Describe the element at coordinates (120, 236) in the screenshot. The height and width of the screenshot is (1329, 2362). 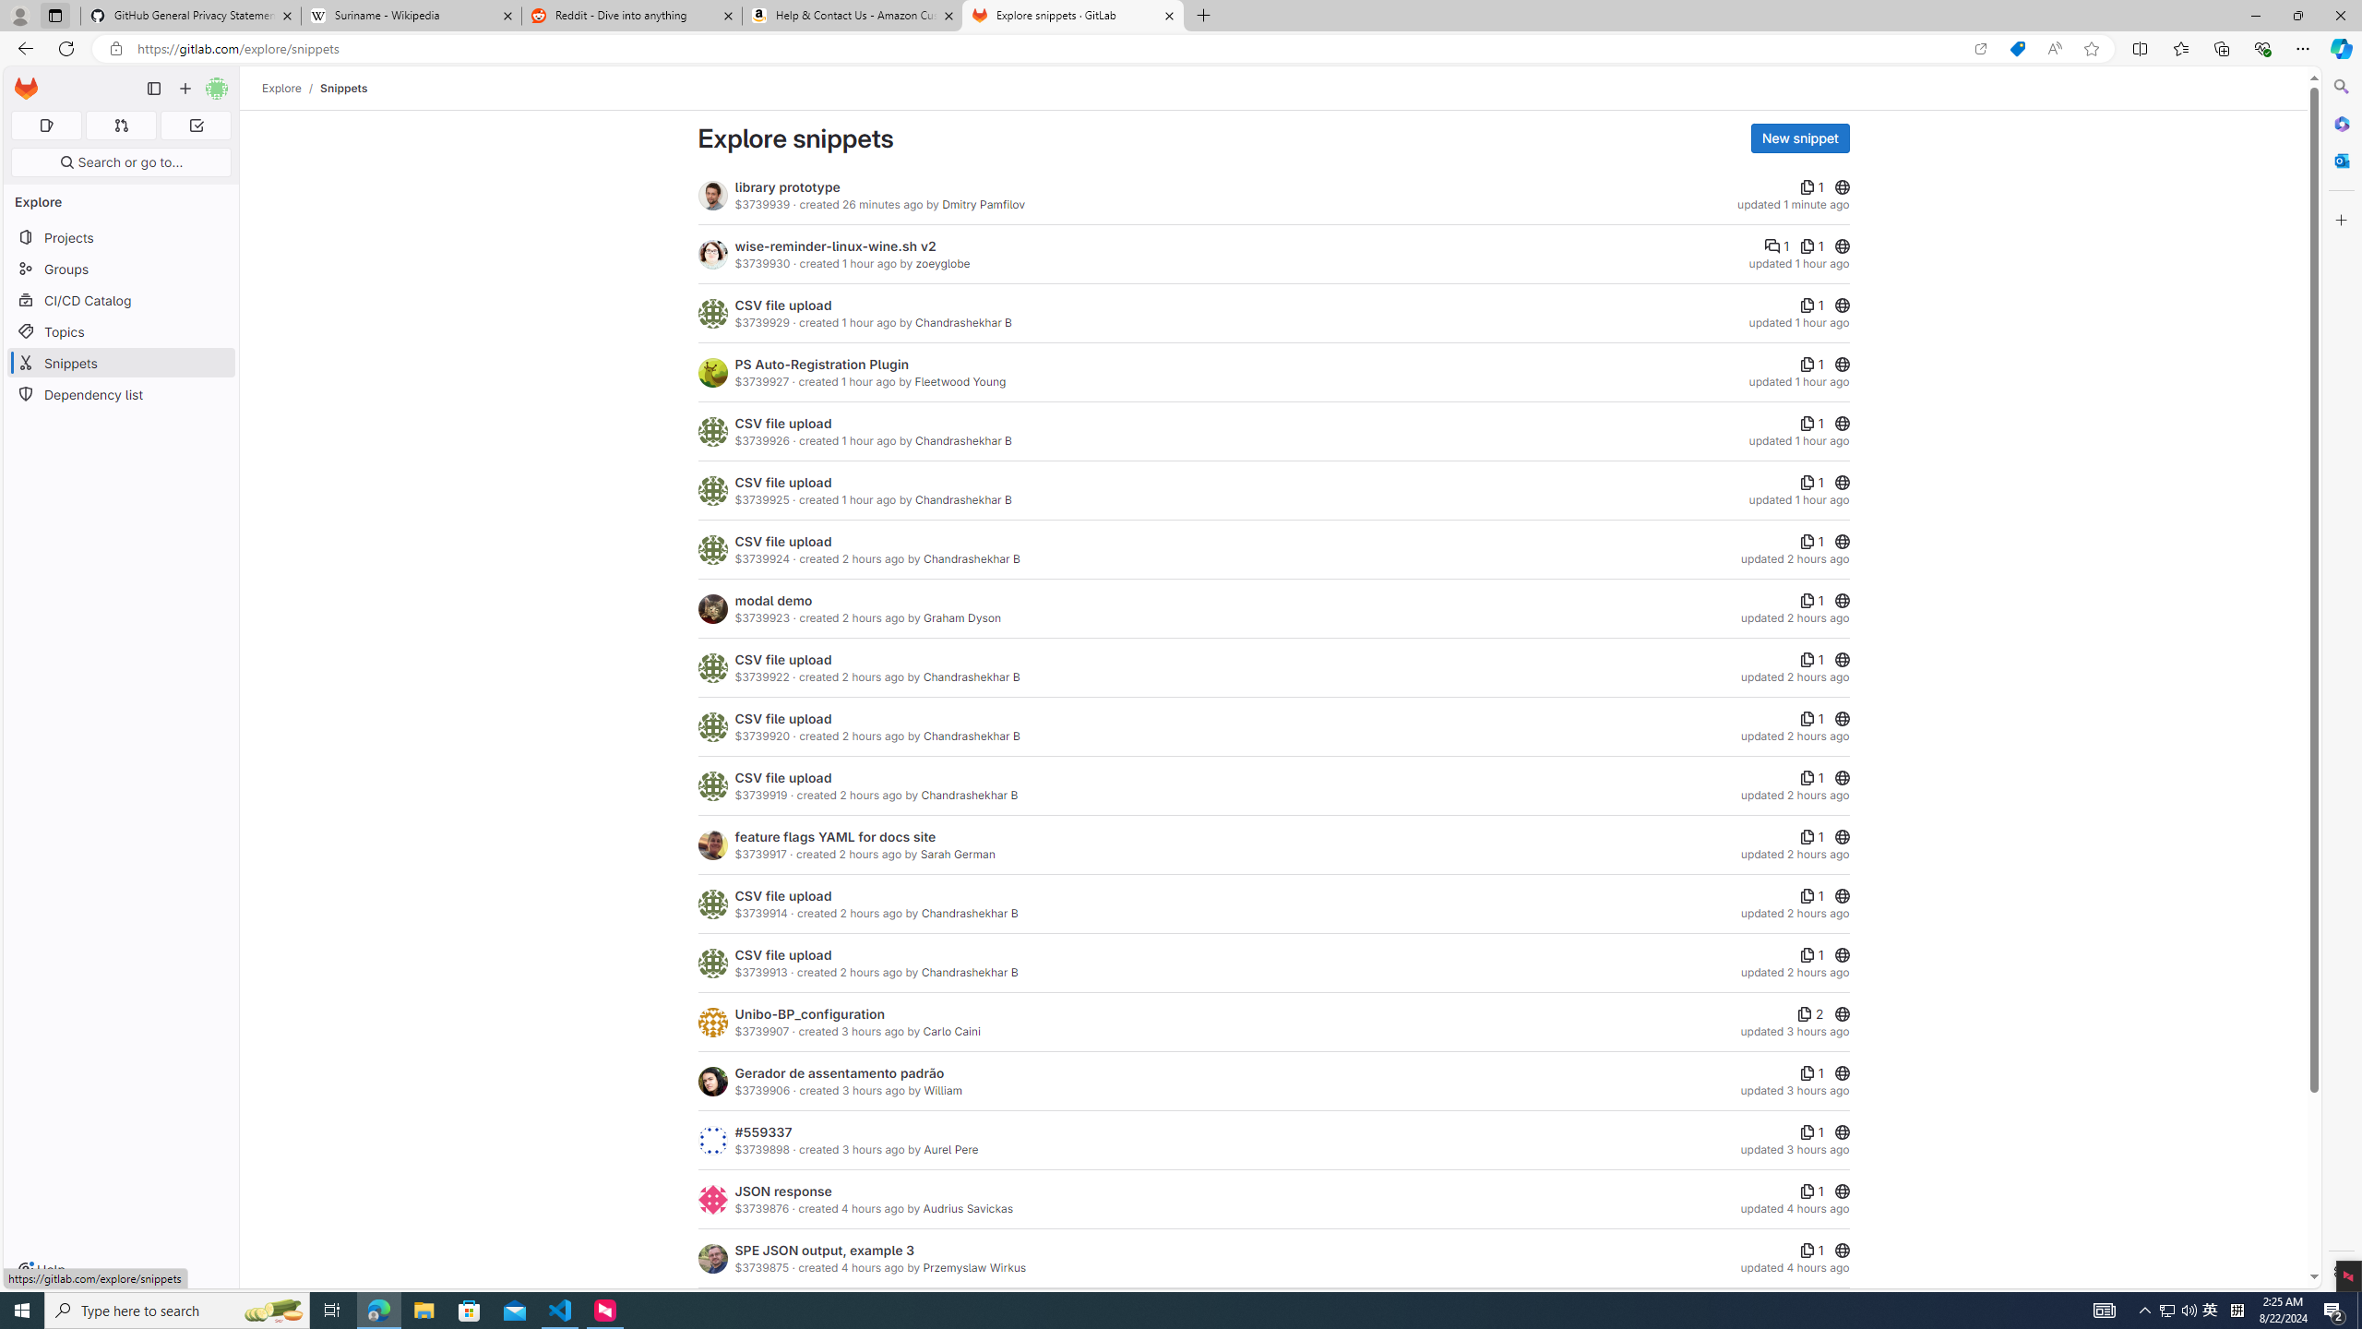
I see `'Projects'` at that location.